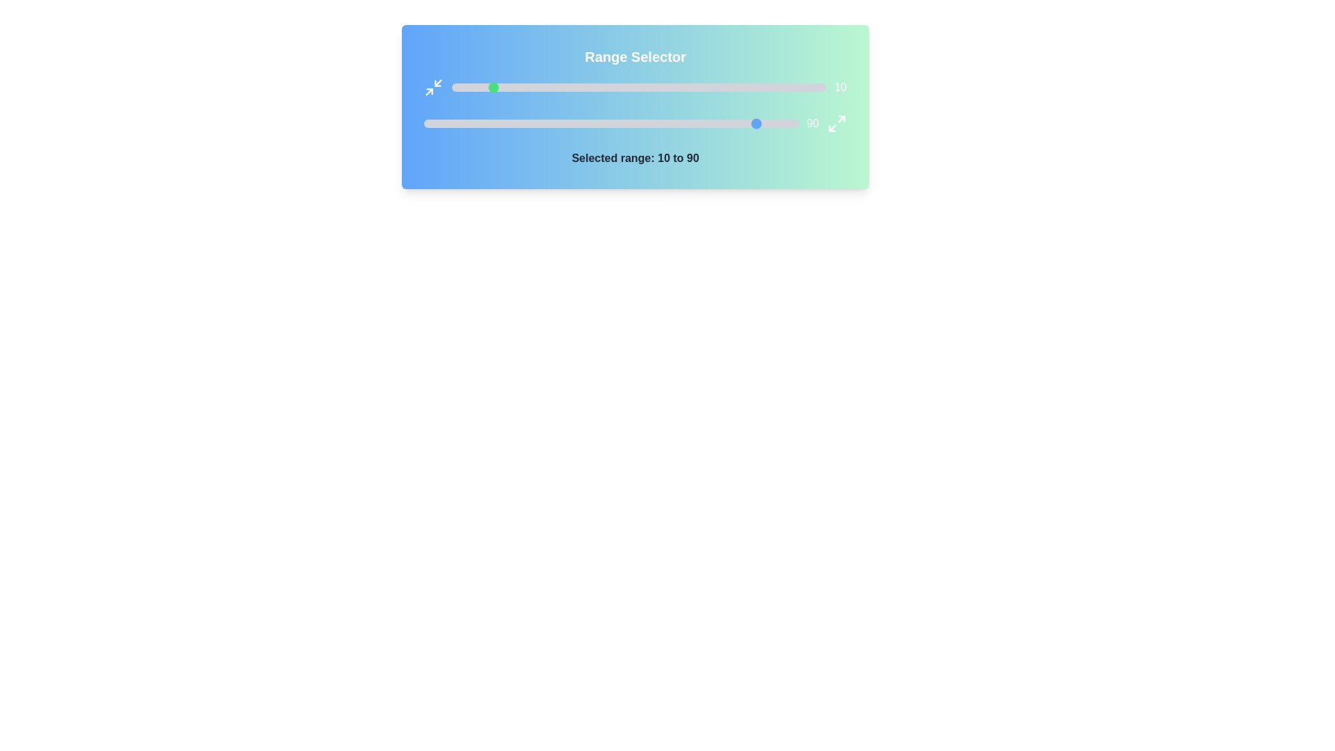 This screenshot has height=751, width=1335. Describe the element at coordinates (676, 88) in the screenshot. I see `the slider value` at that location.